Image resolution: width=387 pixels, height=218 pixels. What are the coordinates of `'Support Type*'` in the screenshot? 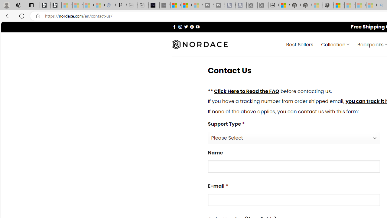 It's located at (294, 138).